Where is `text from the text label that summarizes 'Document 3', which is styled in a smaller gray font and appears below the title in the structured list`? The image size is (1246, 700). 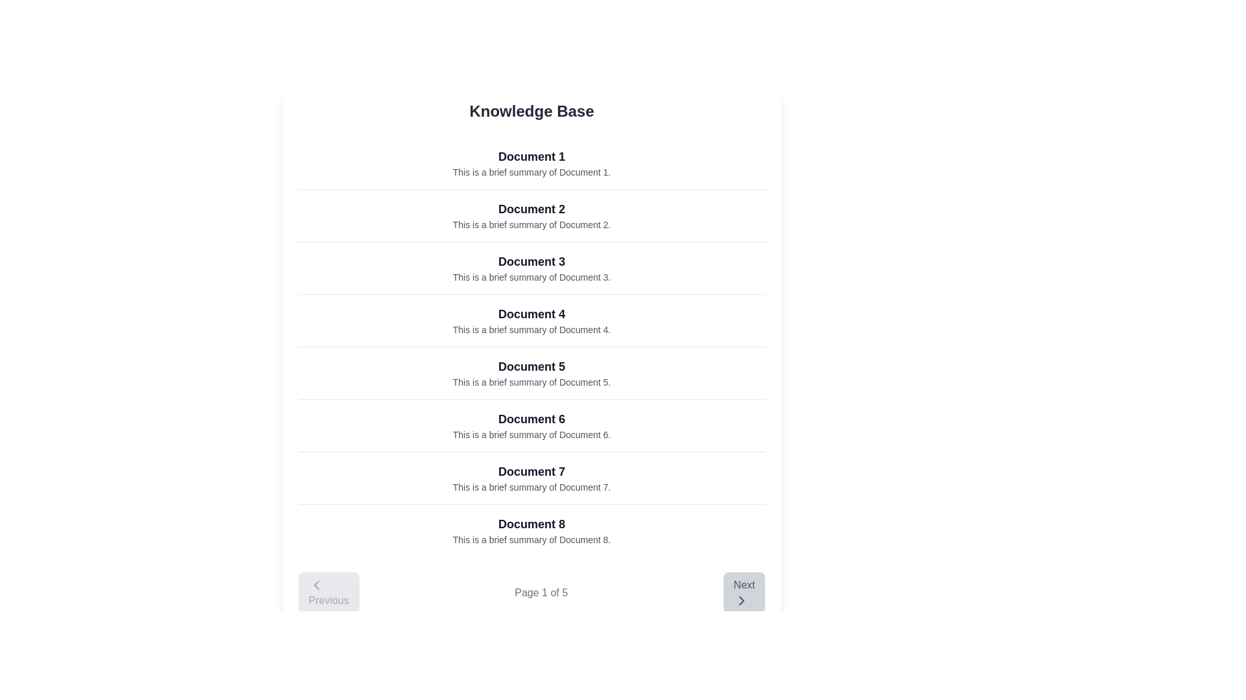
text from the text label that summarizes 'Document 3', which is styled in a smaller gray font and appears below the title in the structured list is located at coordinates (531, 277).